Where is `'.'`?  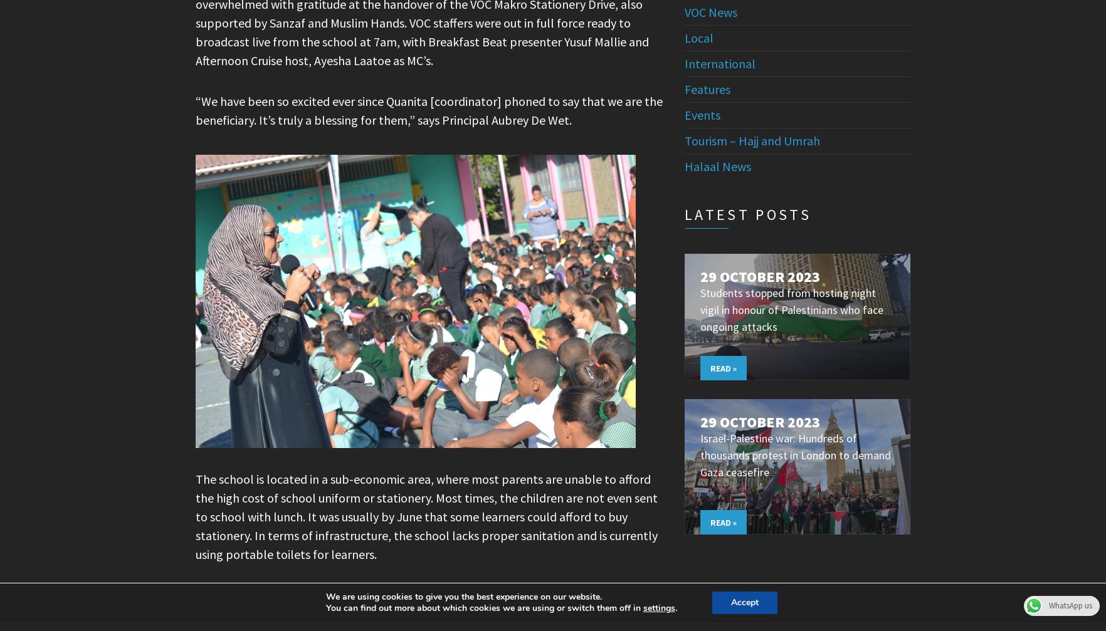 '.' is located at coordinates (675, 607).